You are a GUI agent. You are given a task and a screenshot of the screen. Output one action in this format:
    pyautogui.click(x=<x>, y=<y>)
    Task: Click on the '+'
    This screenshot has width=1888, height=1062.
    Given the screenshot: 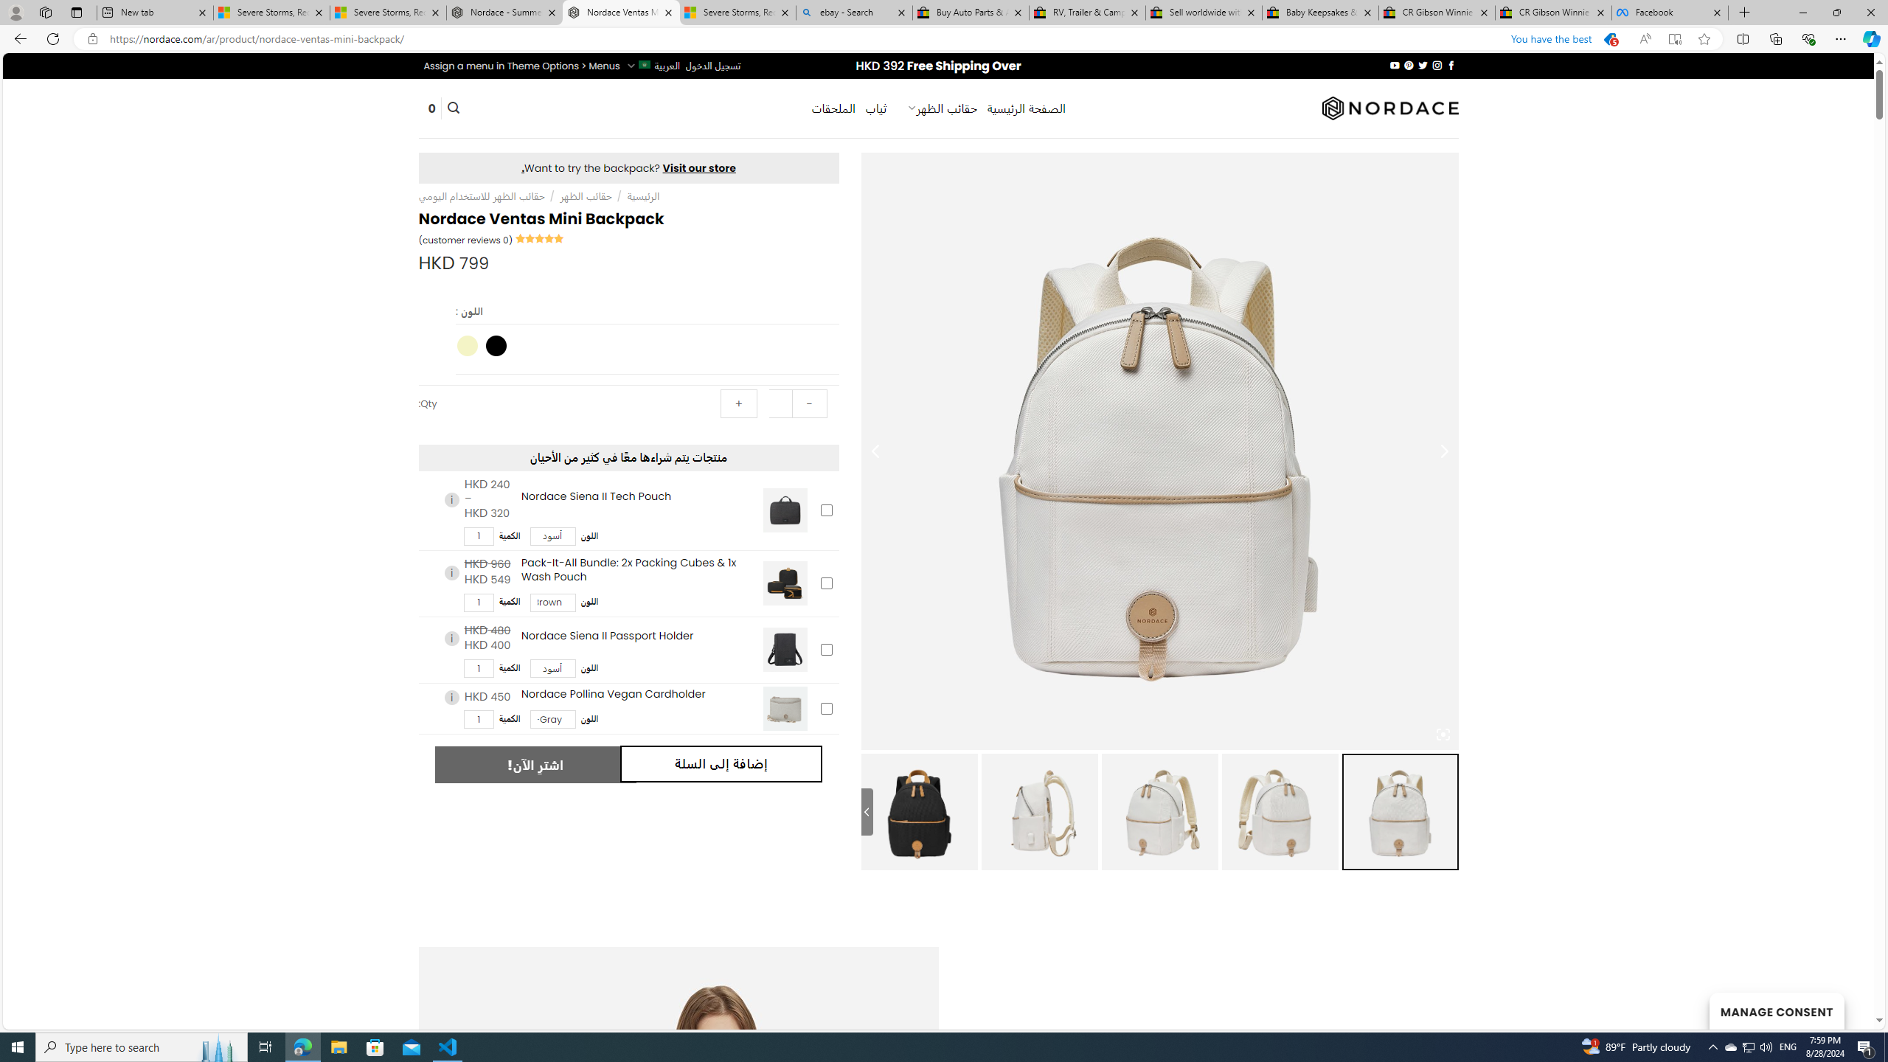 What is the action you would take?
    pyautogui.click(x=739, y=403)
    